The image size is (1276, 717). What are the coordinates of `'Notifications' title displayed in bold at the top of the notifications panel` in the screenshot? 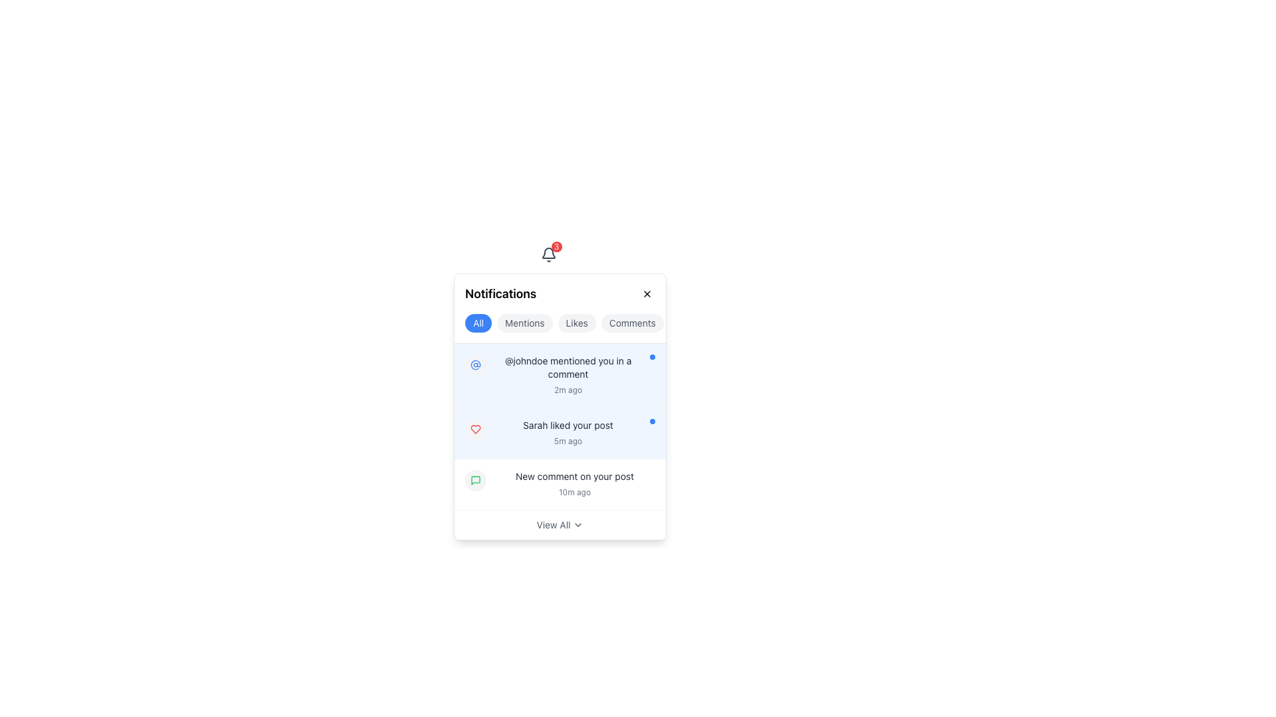 It's located at (560, 293).